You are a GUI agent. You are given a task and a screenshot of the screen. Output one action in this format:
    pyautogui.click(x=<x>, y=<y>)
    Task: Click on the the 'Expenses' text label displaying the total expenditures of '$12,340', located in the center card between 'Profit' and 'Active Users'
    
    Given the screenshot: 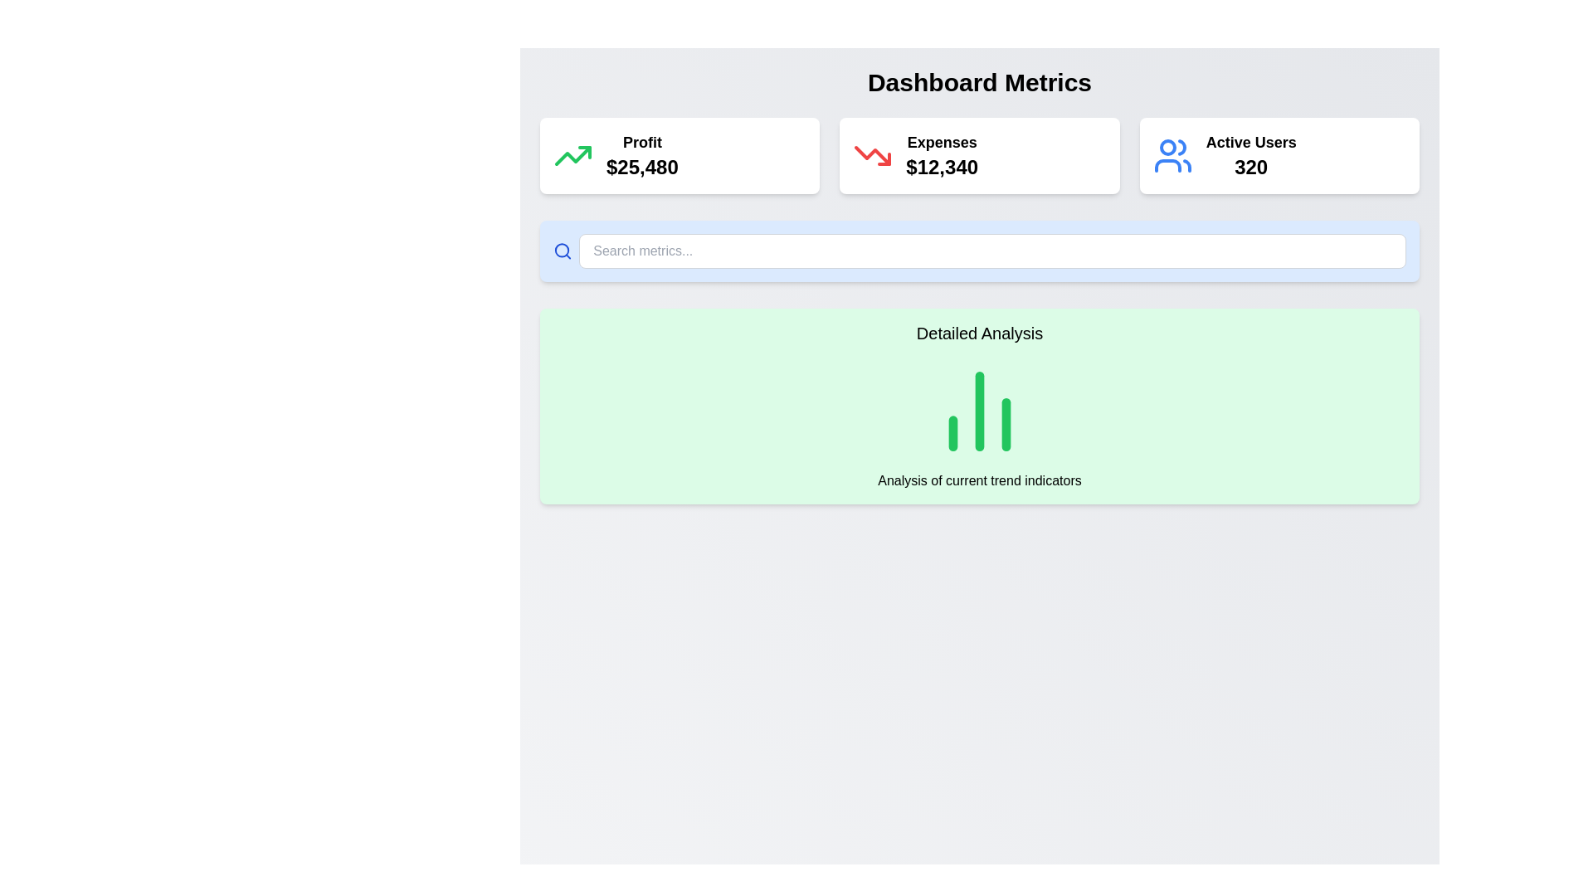 What is the action you would take?
    pyautogui.click(x=942, y=156)
    